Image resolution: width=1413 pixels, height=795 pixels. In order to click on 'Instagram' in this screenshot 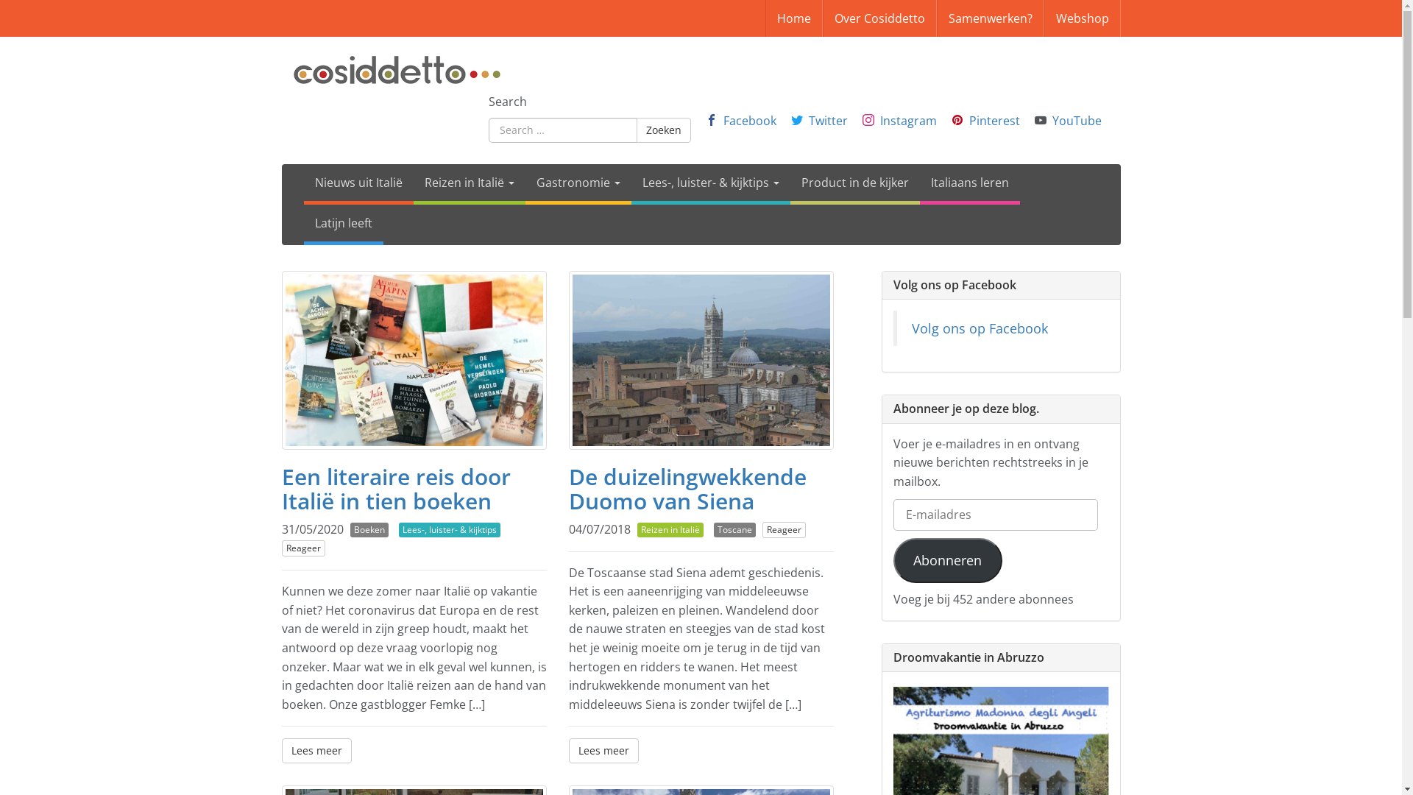, I will do `click(907, 119)`.